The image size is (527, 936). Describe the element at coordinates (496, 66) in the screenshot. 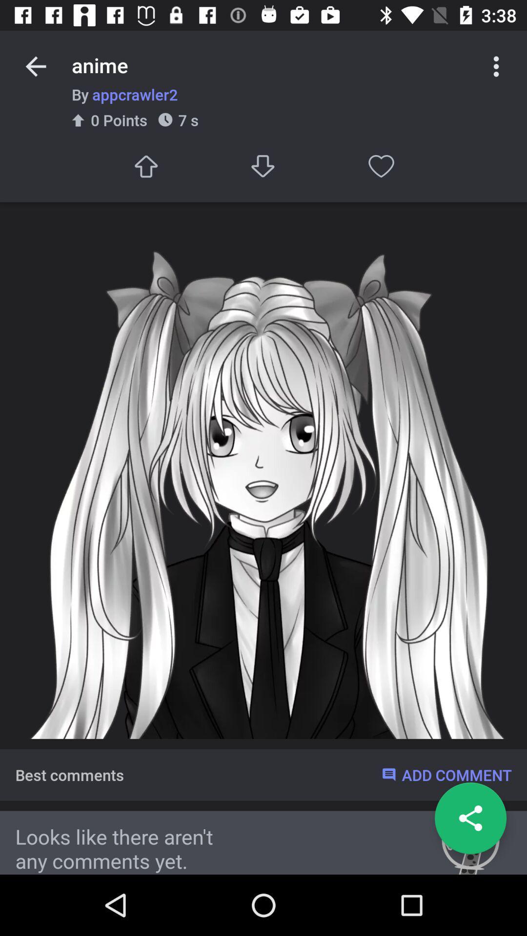

I see `settings` at that location.